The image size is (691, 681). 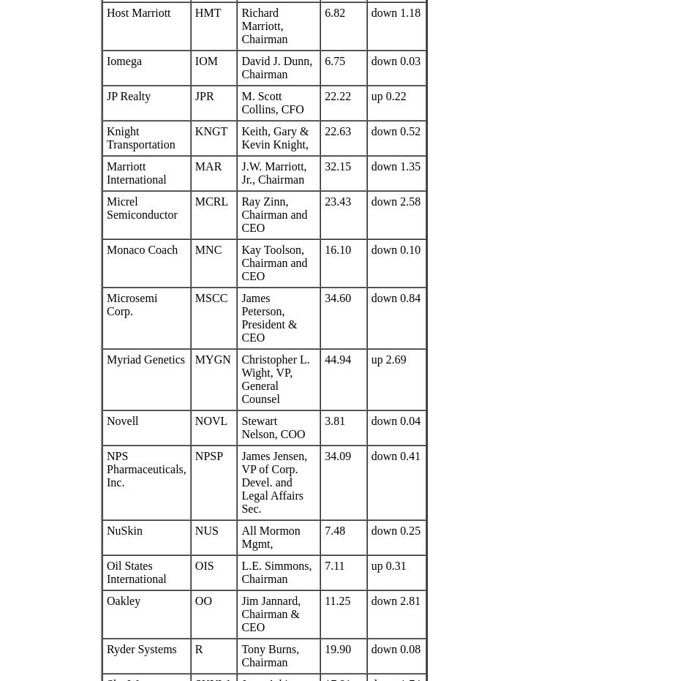 What do you see at coordinates (276, 572) in the screenshot?
I see `'L.E. Simmons, Chairman'` at bounding box center [276, 572].